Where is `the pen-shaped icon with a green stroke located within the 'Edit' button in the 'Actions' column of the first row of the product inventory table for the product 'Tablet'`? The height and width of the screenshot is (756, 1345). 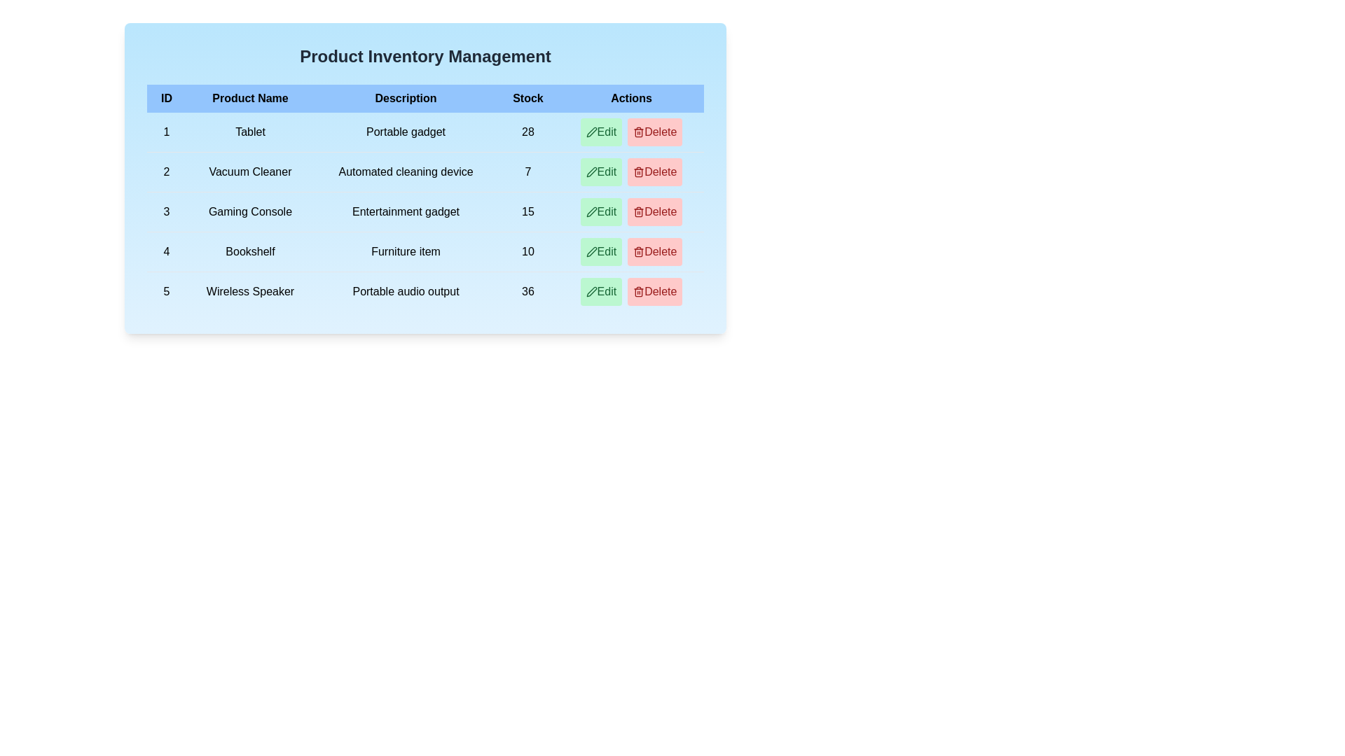
the pen-shaped icon with a green stroke located within the 'Edit' button in the 'Actions' column of the first row of the product inventory table for the product 'Tablet' is located at coordinates (591, 132).